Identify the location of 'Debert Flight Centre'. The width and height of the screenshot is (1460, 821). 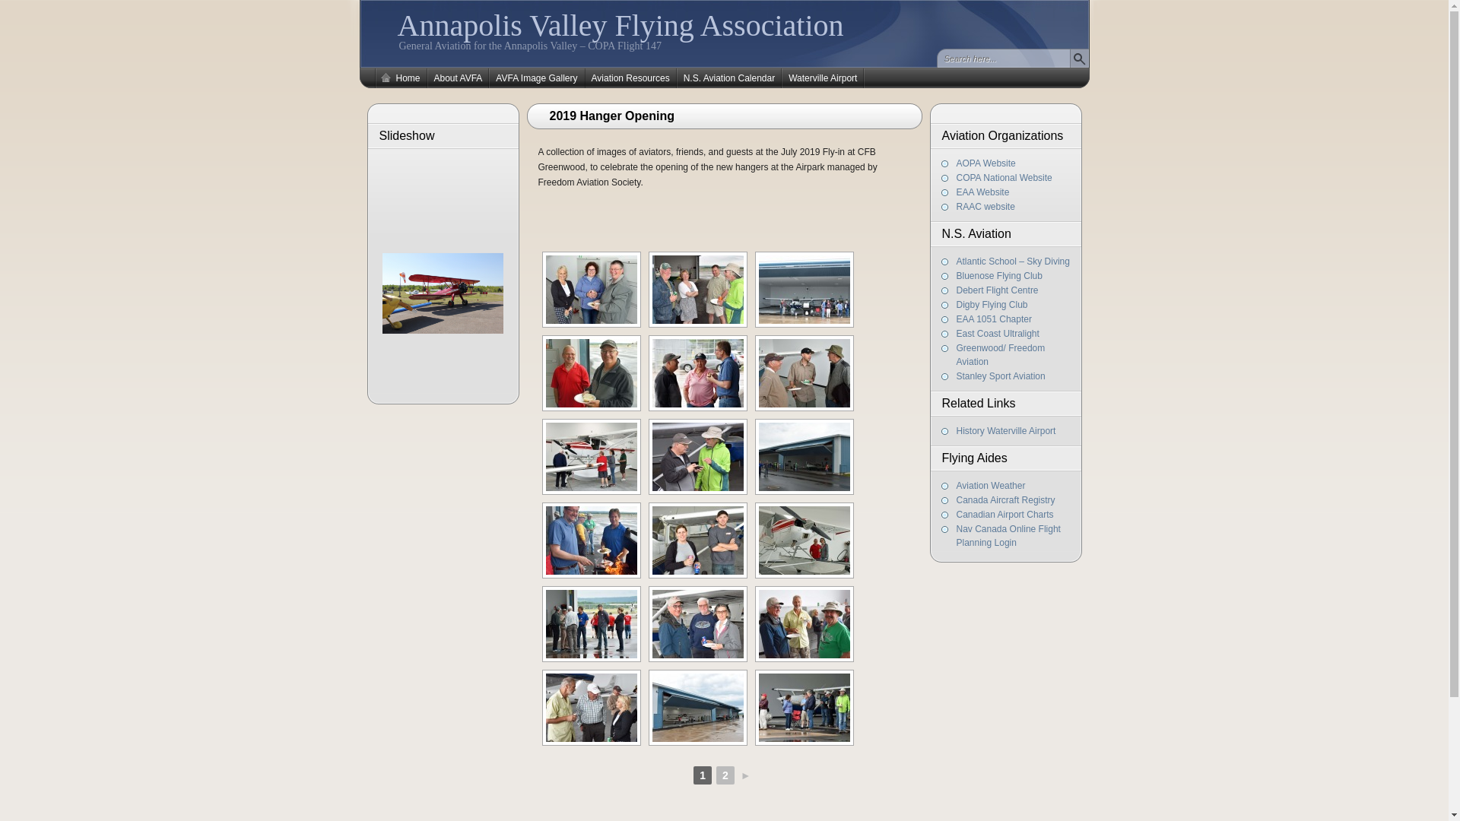
(955, 290).